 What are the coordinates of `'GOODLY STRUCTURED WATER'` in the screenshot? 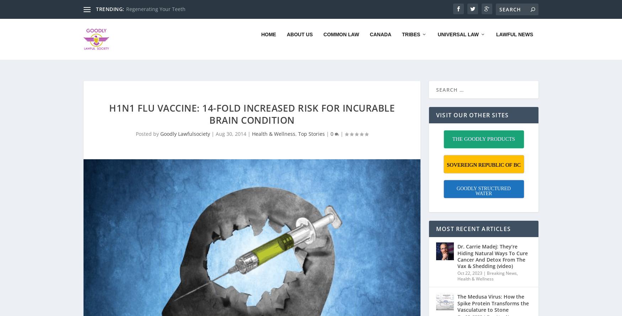 It's located at (483, 182).